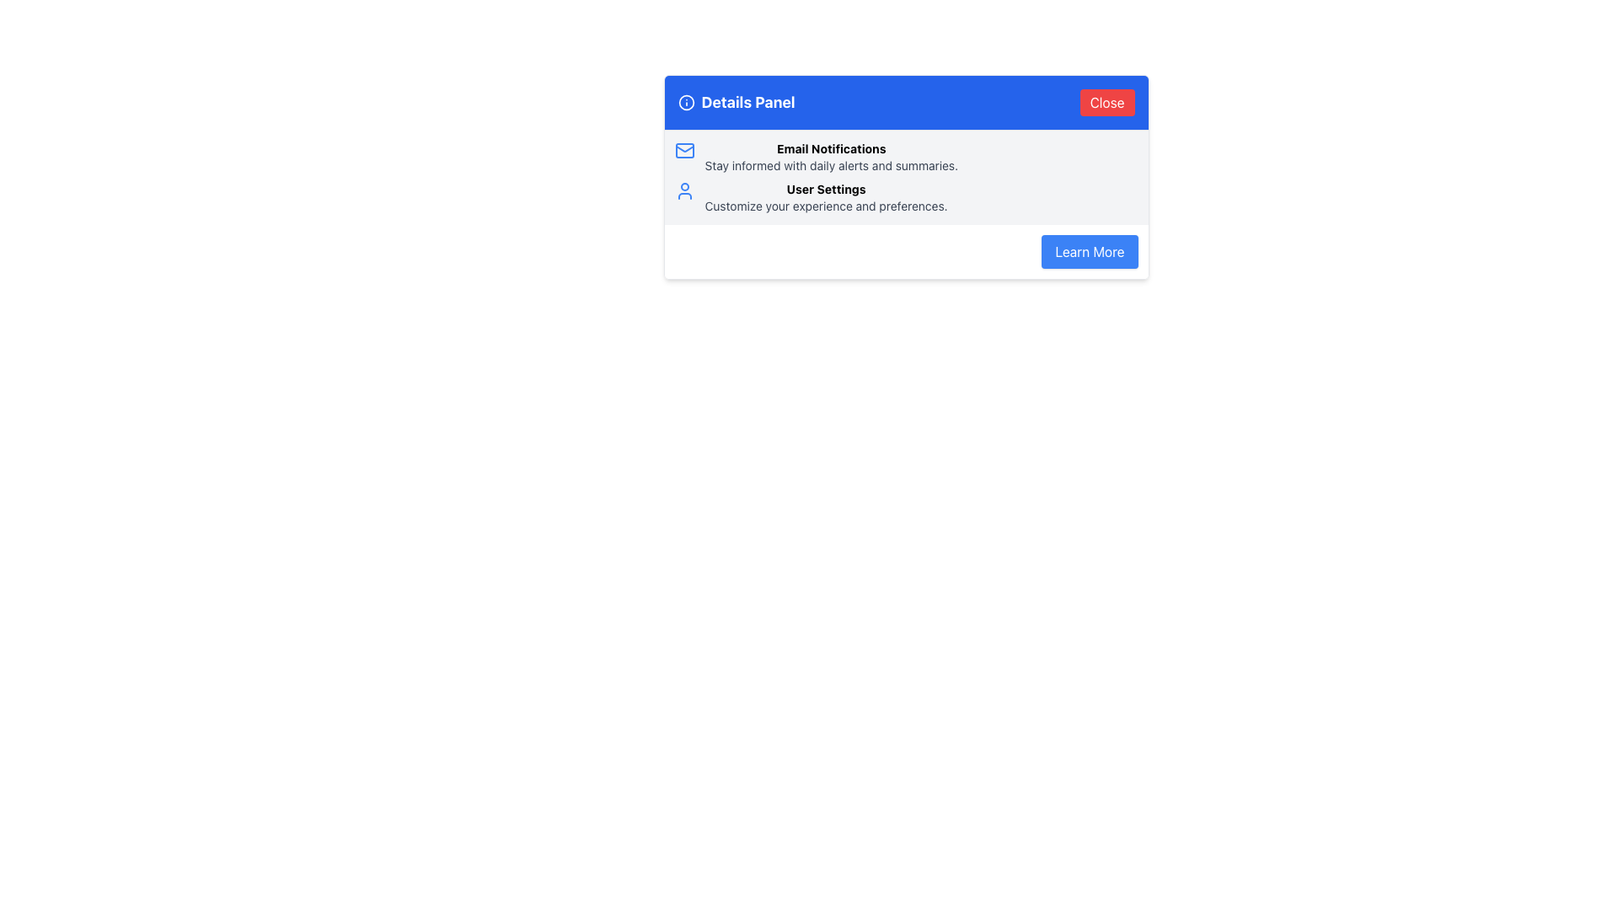  What do you see at coordinates (747, 103) in the screenshot?
I see `the 'Details Panel' text label, which is displayed in bold white font on a blue header bar of the pop-up panel` at bounding box center [747, 103].